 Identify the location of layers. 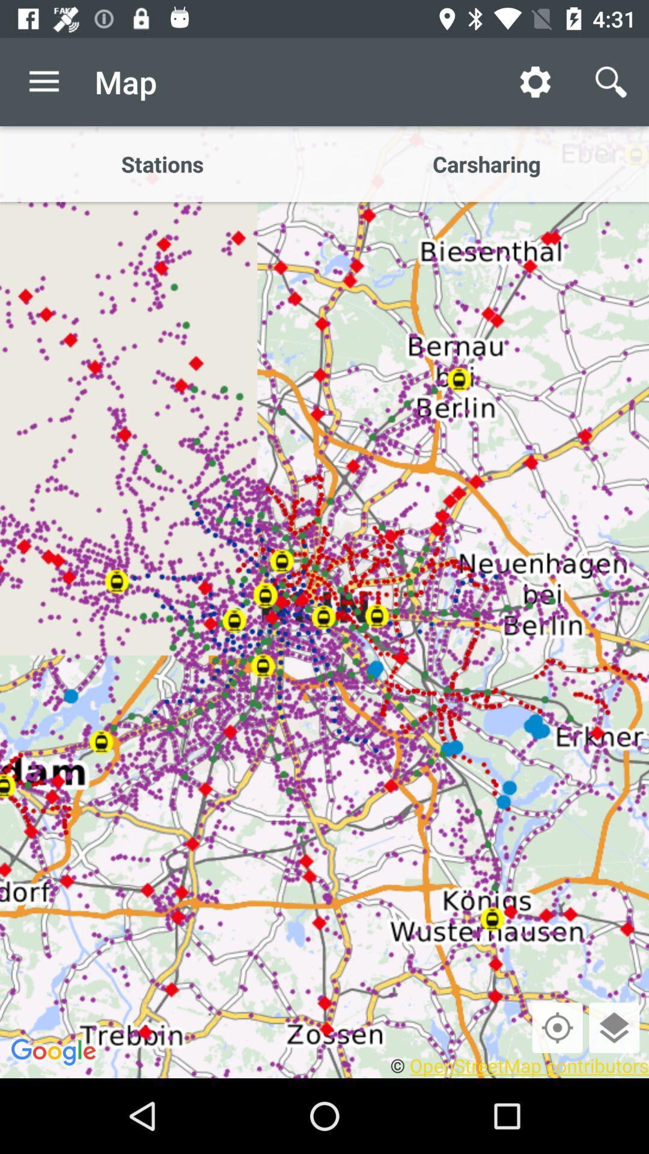
(614, 1027).